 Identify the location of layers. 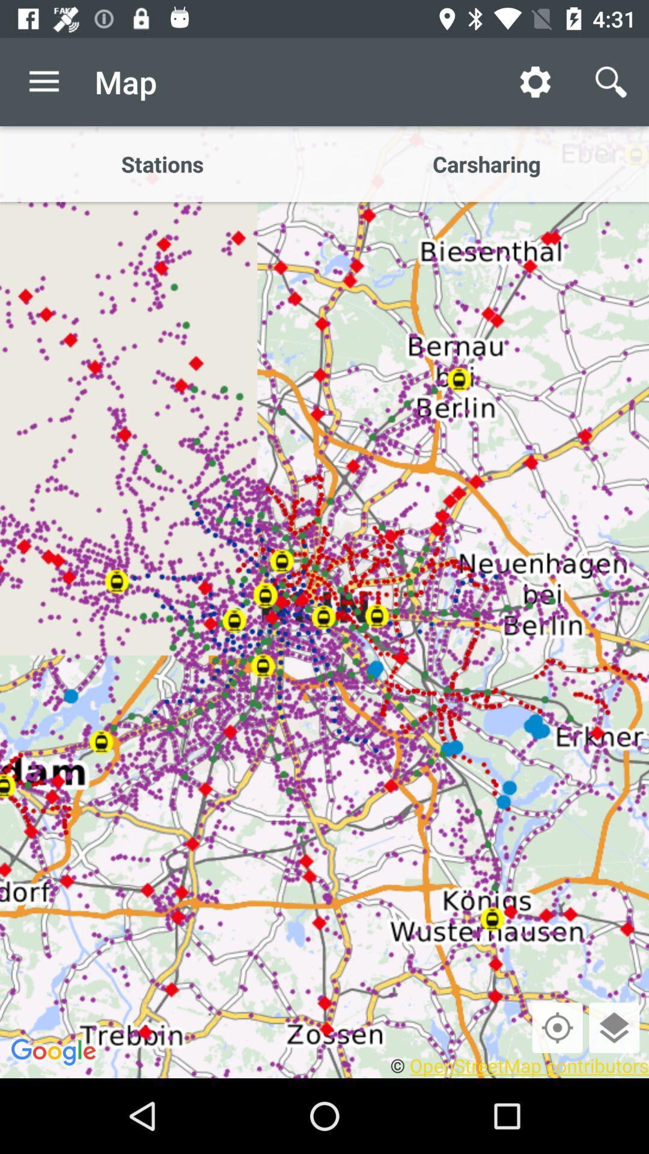
(614, 1027).